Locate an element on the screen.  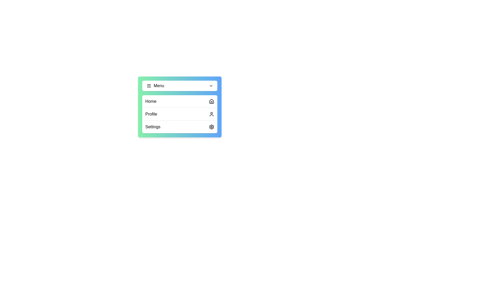
the 'Profile' option in the menu is located at coordinates (180, 114).